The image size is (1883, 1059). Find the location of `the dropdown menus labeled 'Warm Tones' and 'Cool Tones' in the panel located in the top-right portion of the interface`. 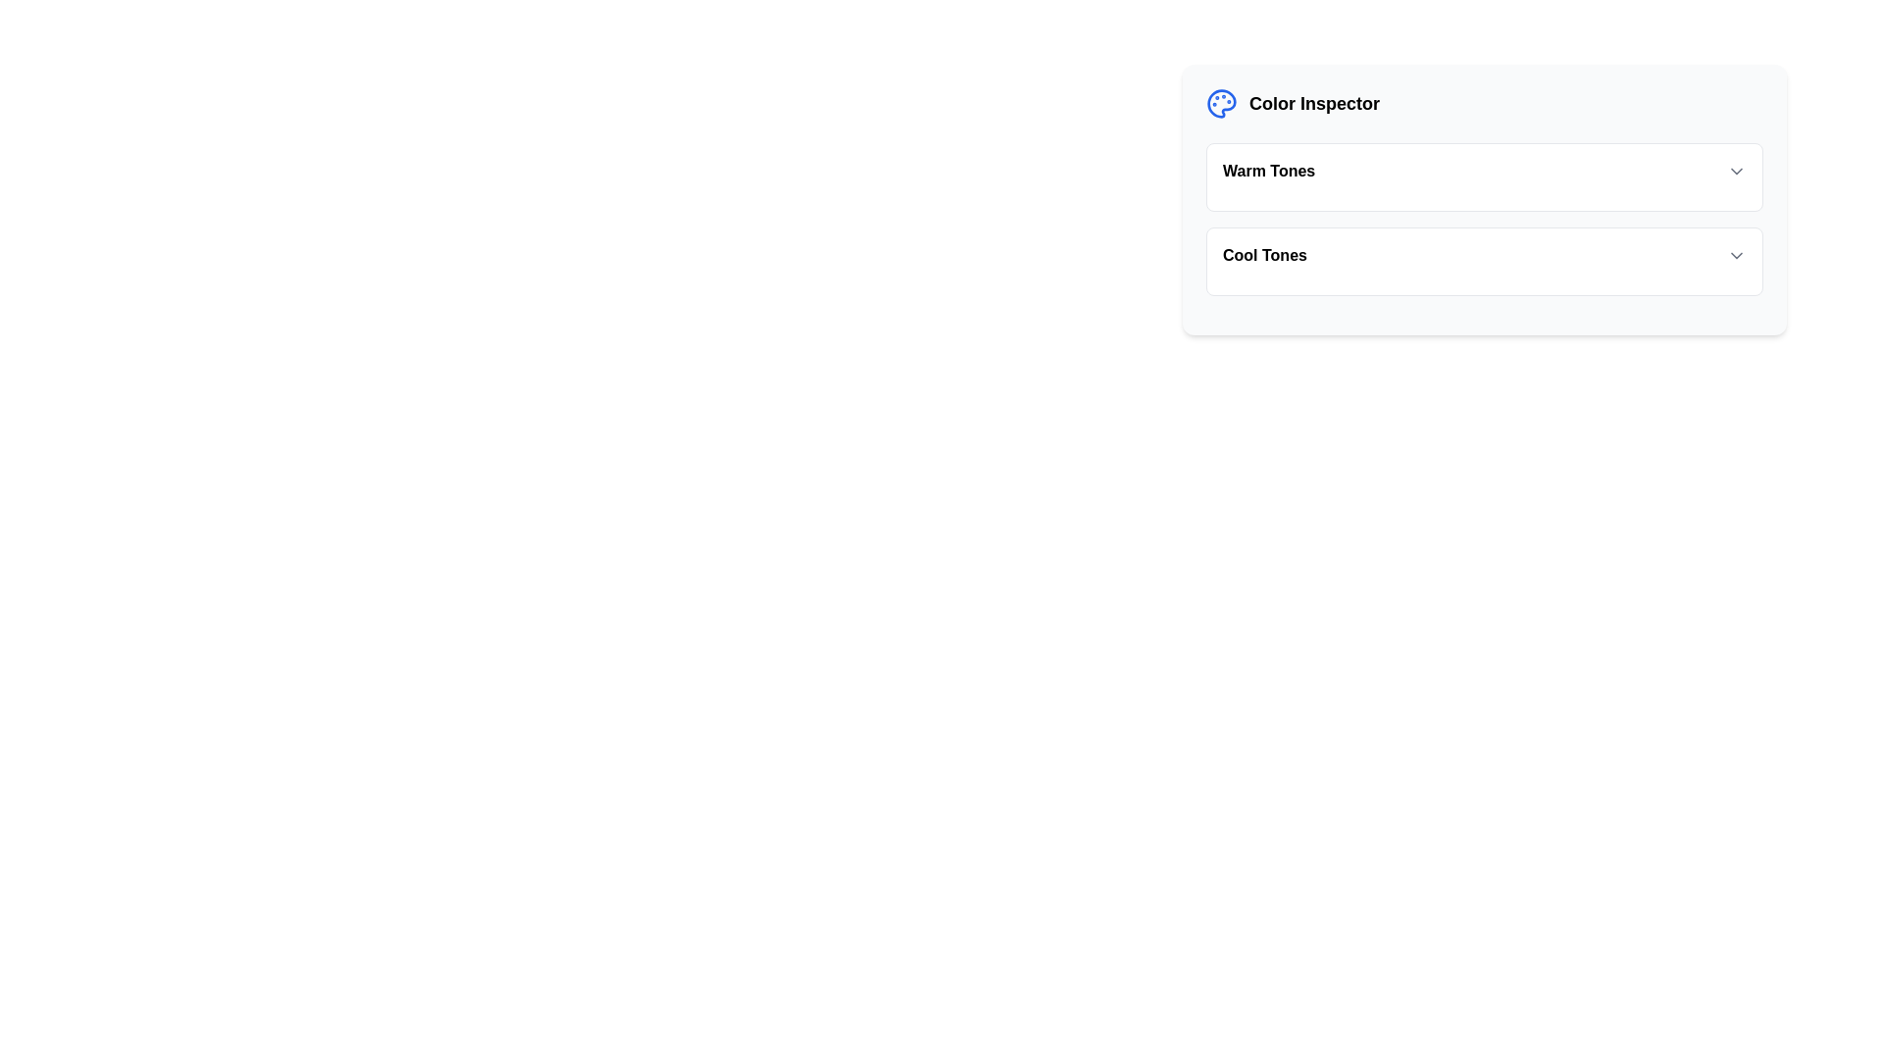

the dropdown menus labeled 'Warm Tones' and 'Cool Tones' in the panel located in the top-right portion of the interface is located at coordinates (1484, 210).